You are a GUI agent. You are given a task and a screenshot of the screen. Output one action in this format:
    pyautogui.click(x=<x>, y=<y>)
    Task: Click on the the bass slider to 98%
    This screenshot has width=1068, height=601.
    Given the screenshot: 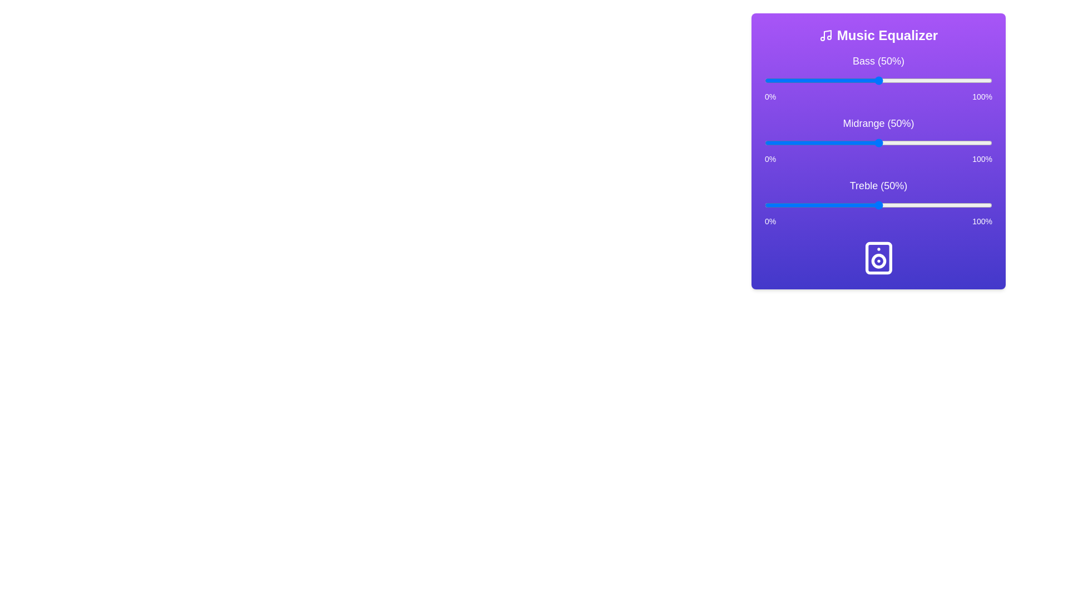 What is the action you would take?
    pyautogui.click(x=987, y=80)
    